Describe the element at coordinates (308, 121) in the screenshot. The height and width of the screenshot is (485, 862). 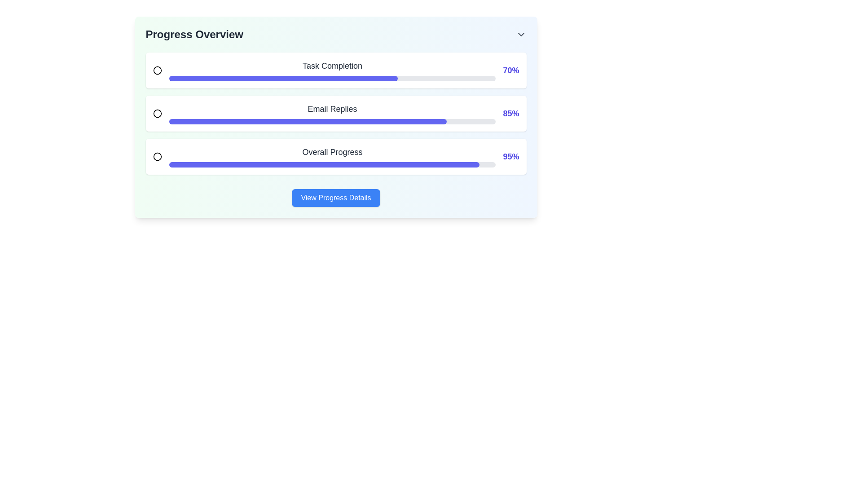
I see `the progress bar filling segment representing 85% completion under the 'Email Replies' label in the 'Progress Overview' section` at that location.